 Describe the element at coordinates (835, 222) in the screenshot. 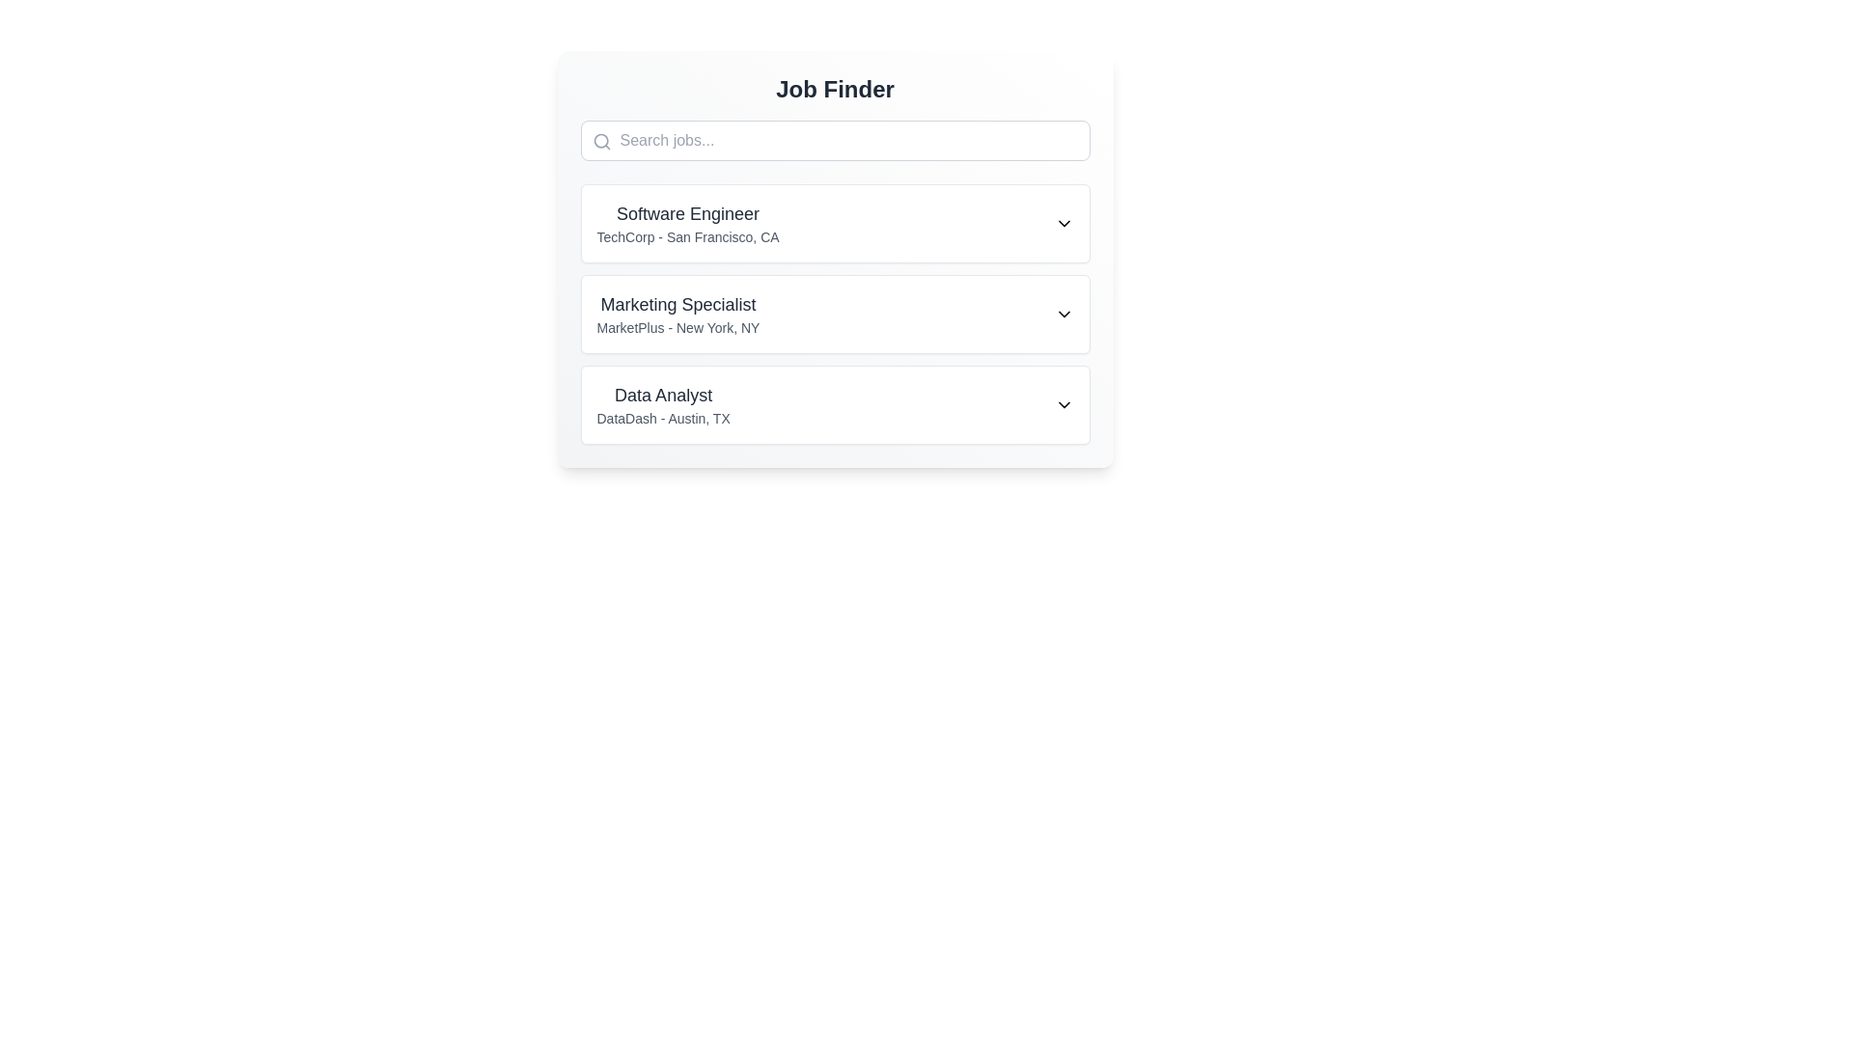

I see `on the first job listing item in the 'Job Finder' module, which displays the job title 'Software Engineer' and company details 'TechCorp - San Francisco, CA'` at that location.